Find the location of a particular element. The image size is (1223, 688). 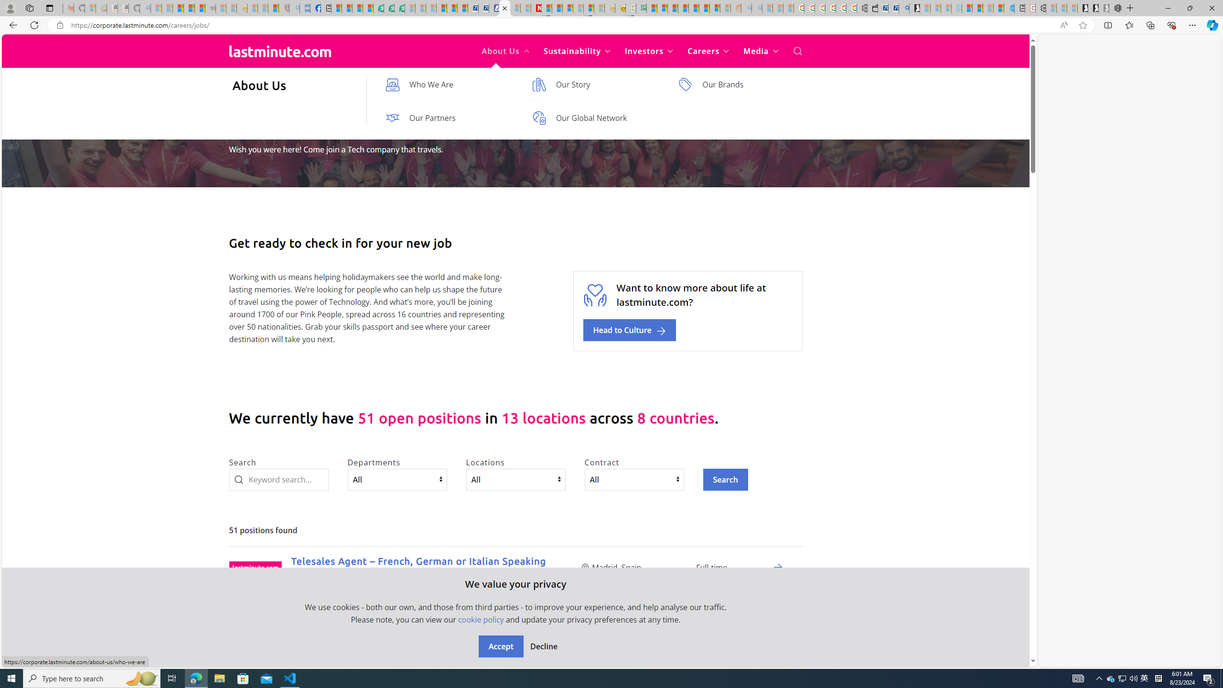

'list of asthma inhalers uk - Search - Sleeping' is located at coordinates (294, 8).